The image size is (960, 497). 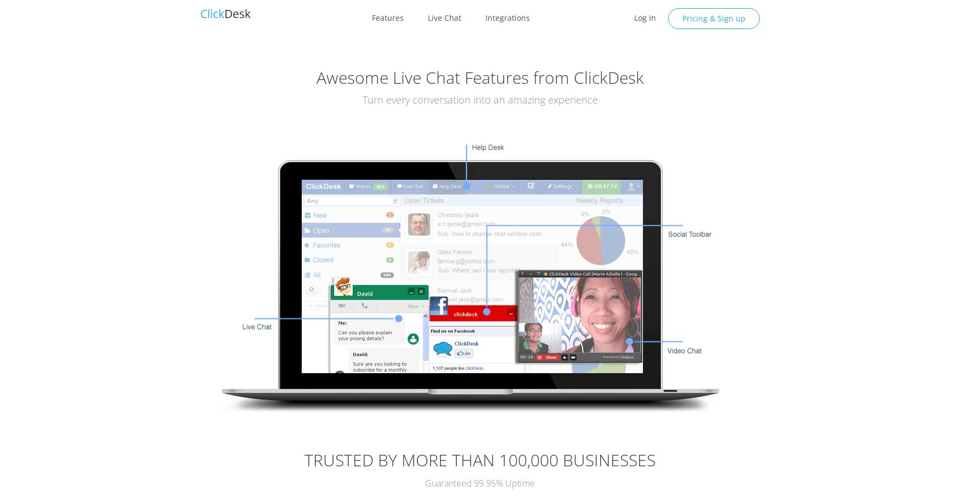 I want to click on 'Features', so click(x=387, y=17).